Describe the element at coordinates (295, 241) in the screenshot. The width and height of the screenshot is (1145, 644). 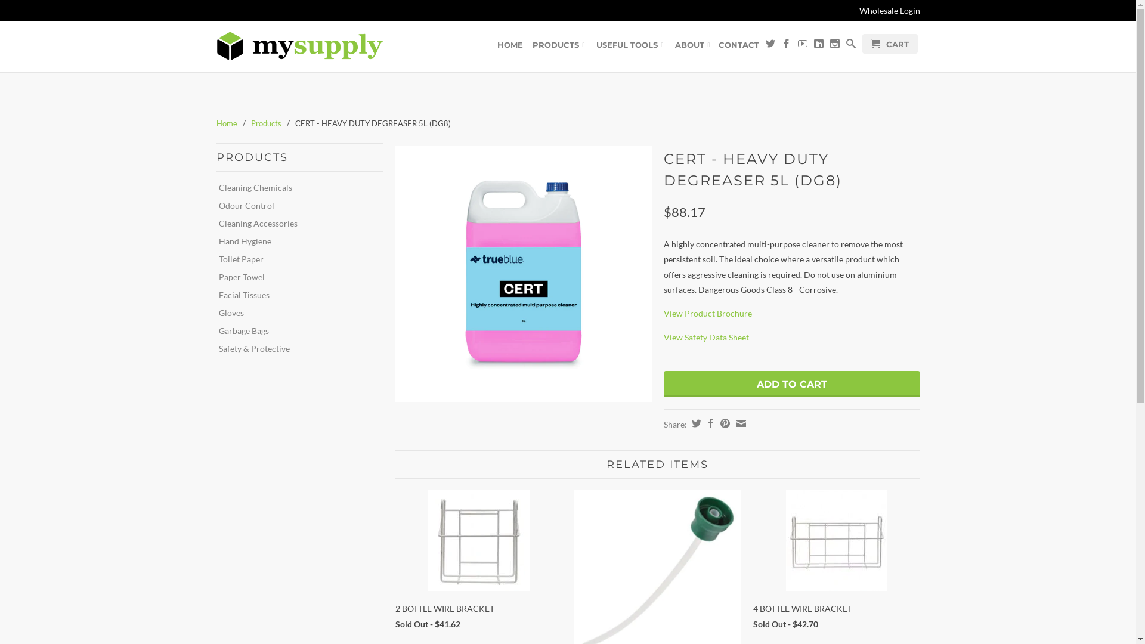
I see `'Hand Hygiene'` at that location.